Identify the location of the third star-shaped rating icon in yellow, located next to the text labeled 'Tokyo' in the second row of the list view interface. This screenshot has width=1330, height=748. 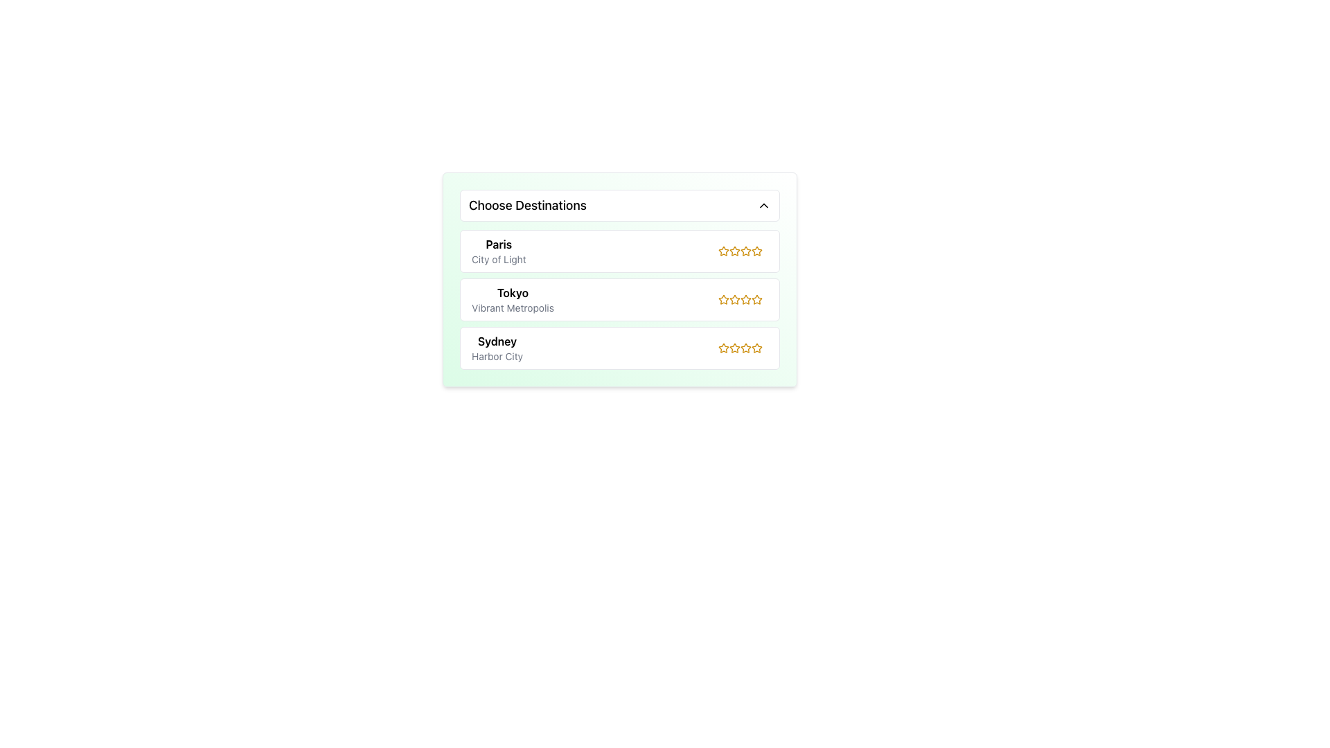
(734, 299).